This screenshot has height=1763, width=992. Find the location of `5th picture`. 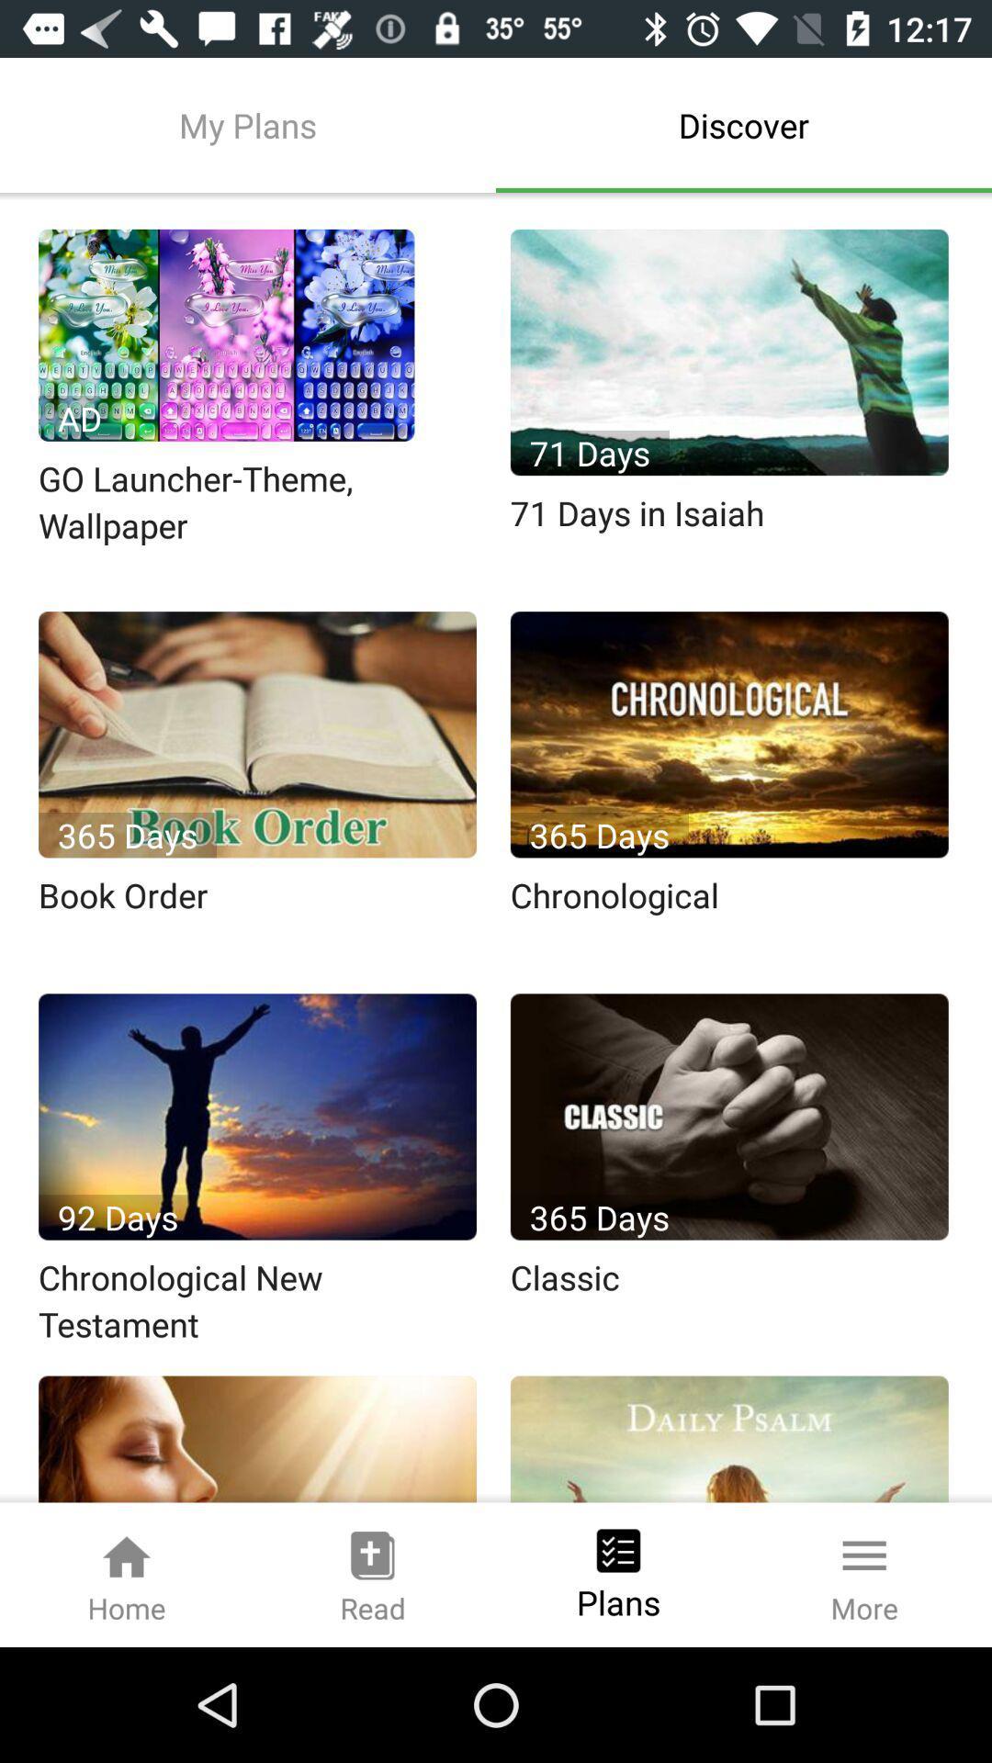

5th picture is located at coordinates (257, 1116).